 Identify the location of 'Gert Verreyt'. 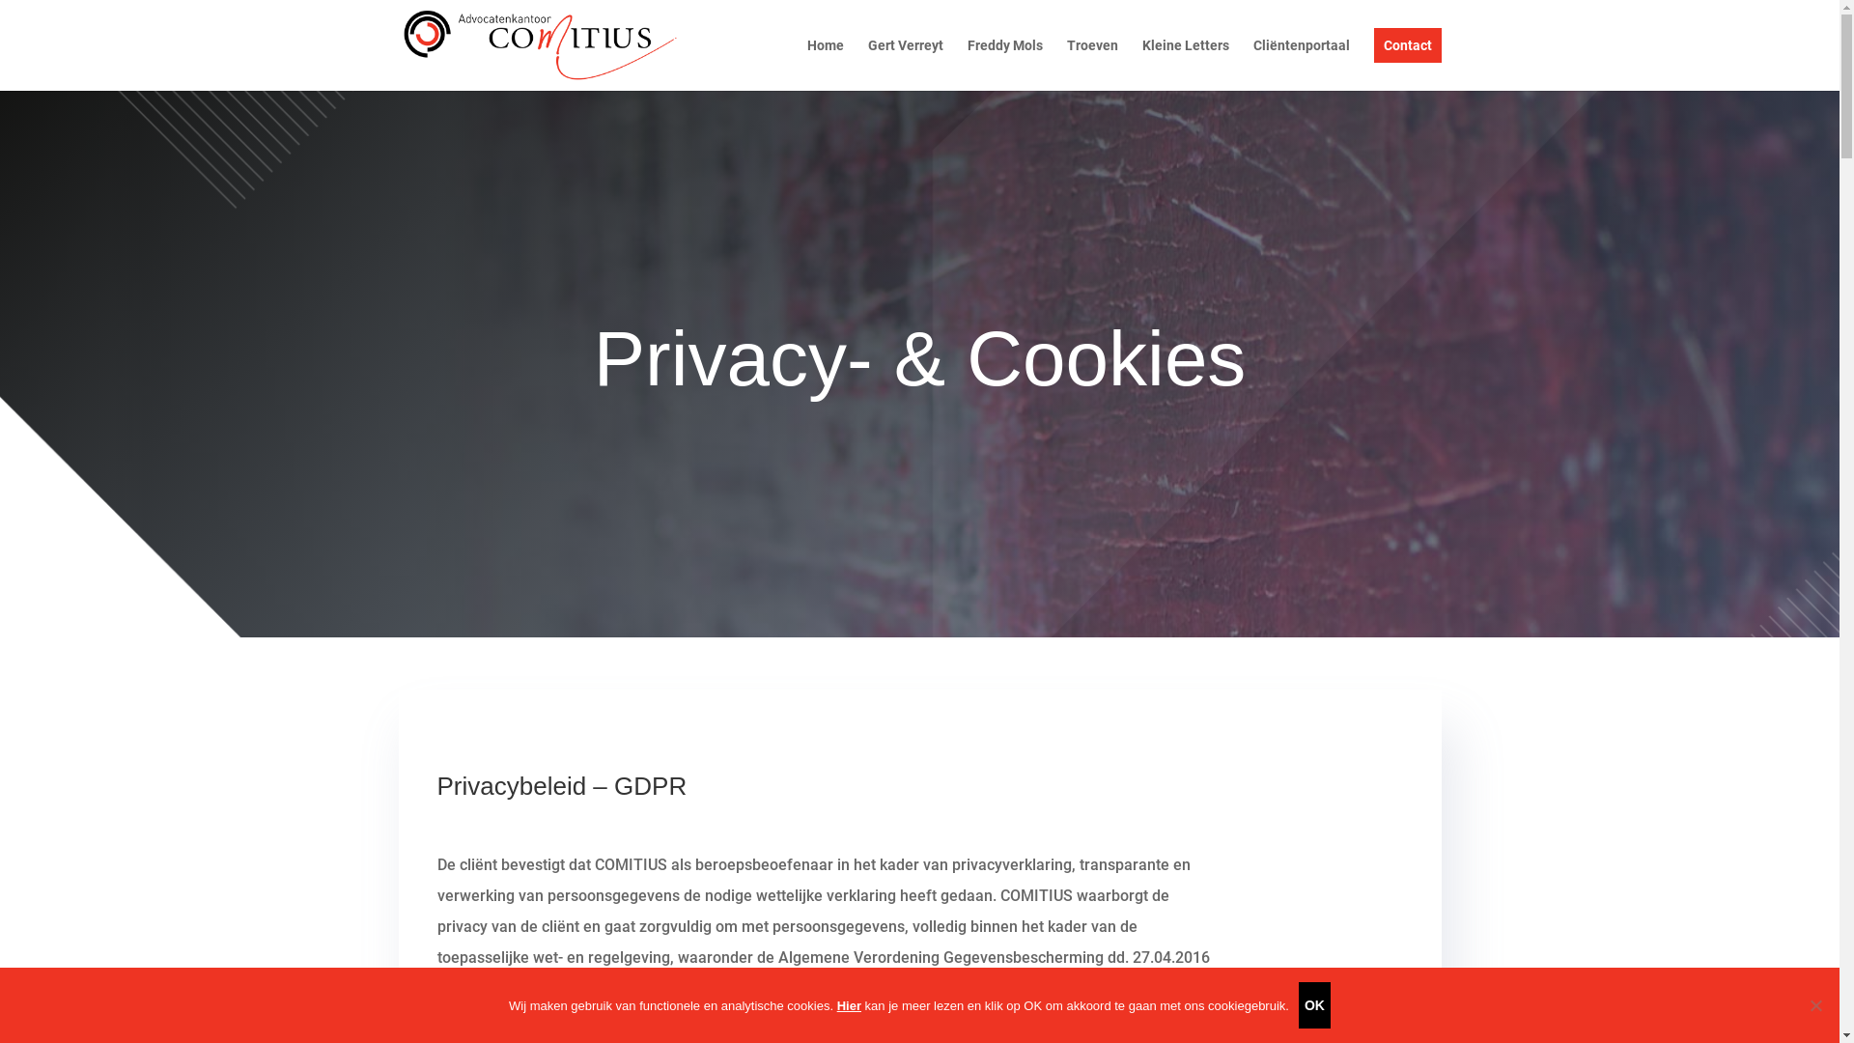
(865, 63).